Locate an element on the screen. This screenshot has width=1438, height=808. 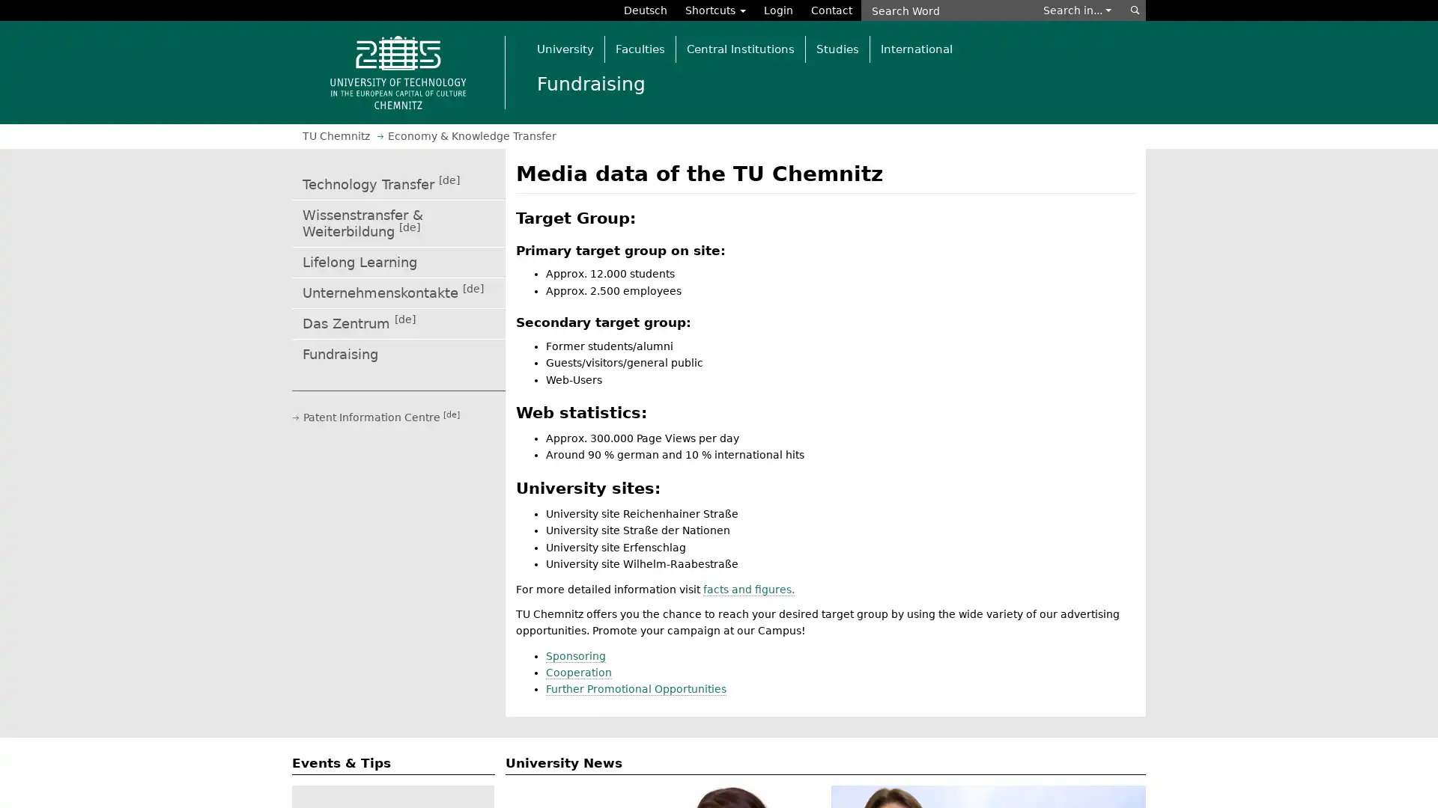
Central Institutions is located at coordinates (740, 48).